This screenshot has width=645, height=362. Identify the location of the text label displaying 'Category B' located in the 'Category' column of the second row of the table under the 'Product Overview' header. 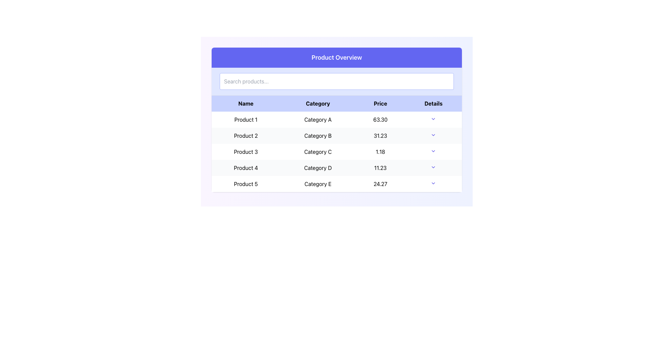
(317, 136).